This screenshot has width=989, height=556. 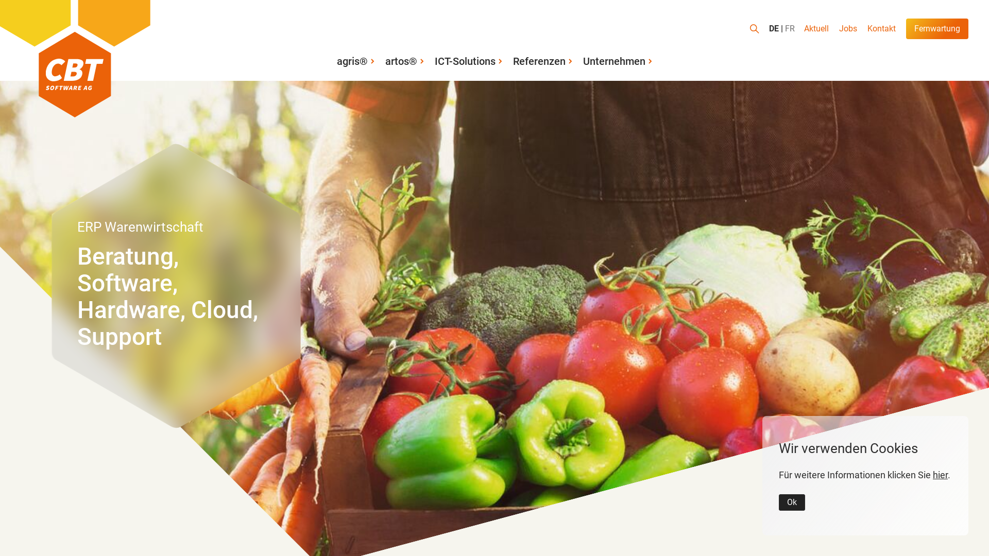 What do you see at coordinates (784, 28) in the screenshot?
I see `'FR'` at bounding box center [784, 28].